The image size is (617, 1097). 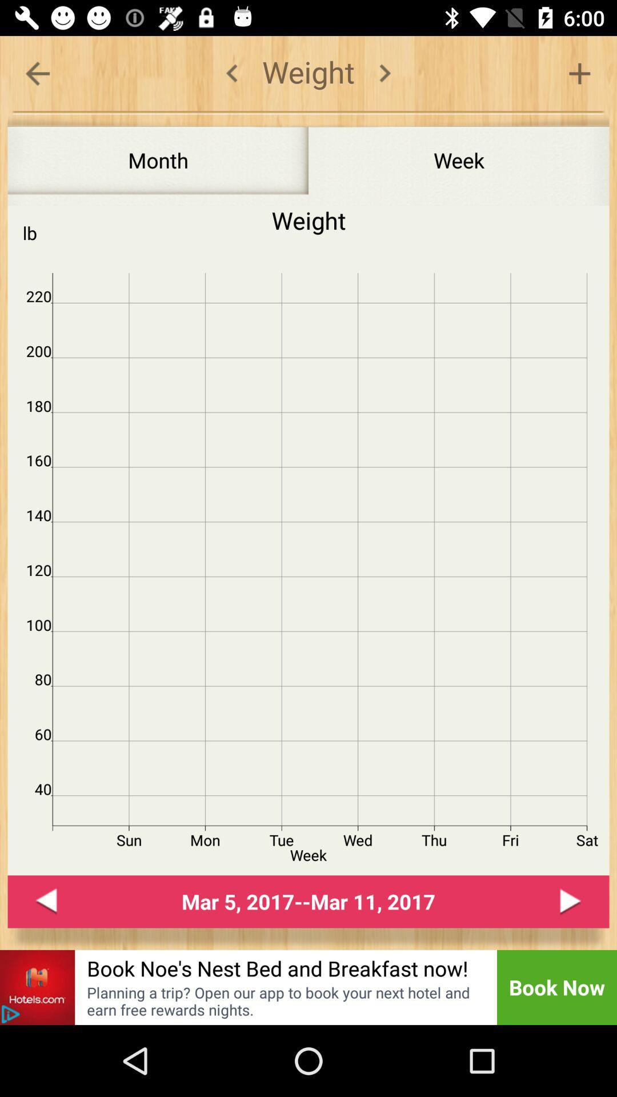 I want to click on previous, so click(x=46, y=901).